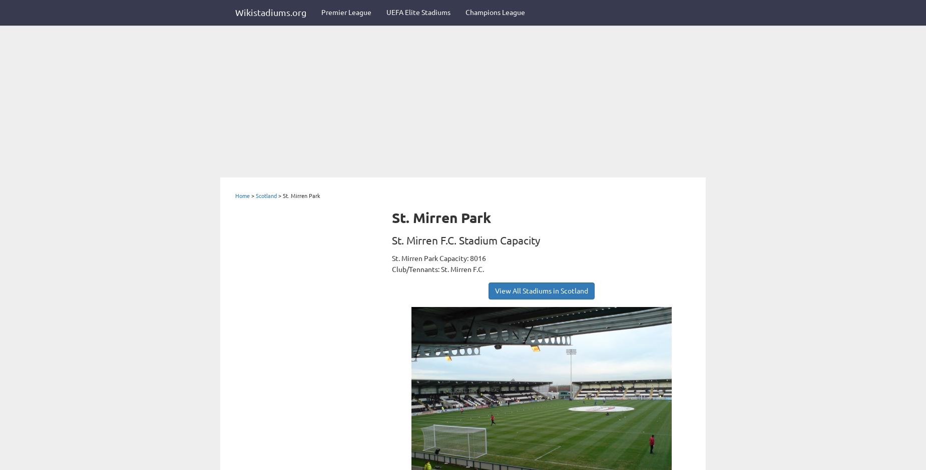 The image size is (926, 470). Describe the element at coordinates (255, 195) in the screenshot. I see `'Scotland'` at that location.